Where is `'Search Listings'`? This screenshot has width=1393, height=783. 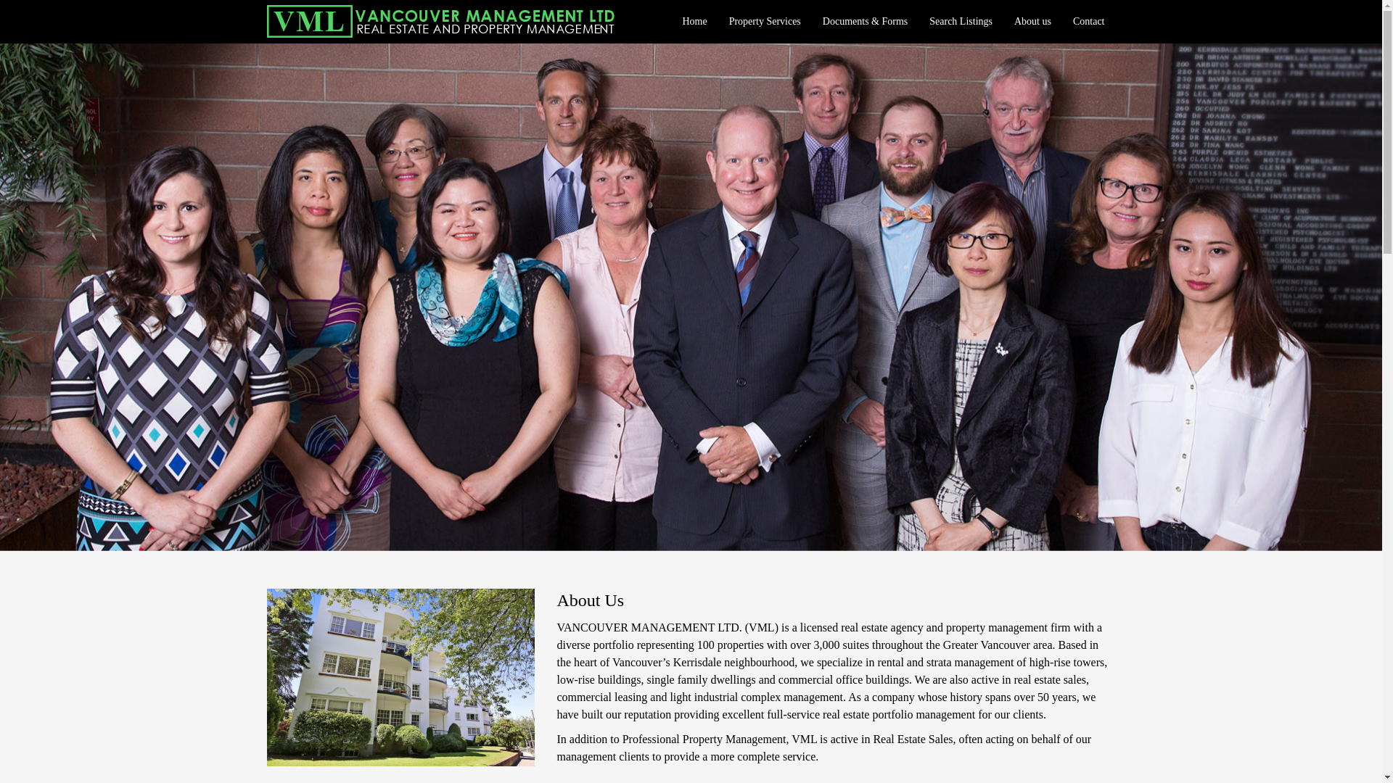
'Search Listings' is located at coordinates (961, 22).